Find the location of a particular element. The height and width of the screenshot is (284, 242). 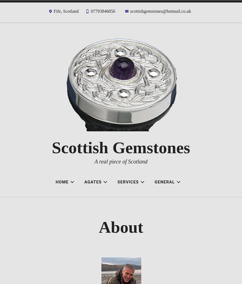

'A real piece of Scotland' is located at coordinates (121, 161).